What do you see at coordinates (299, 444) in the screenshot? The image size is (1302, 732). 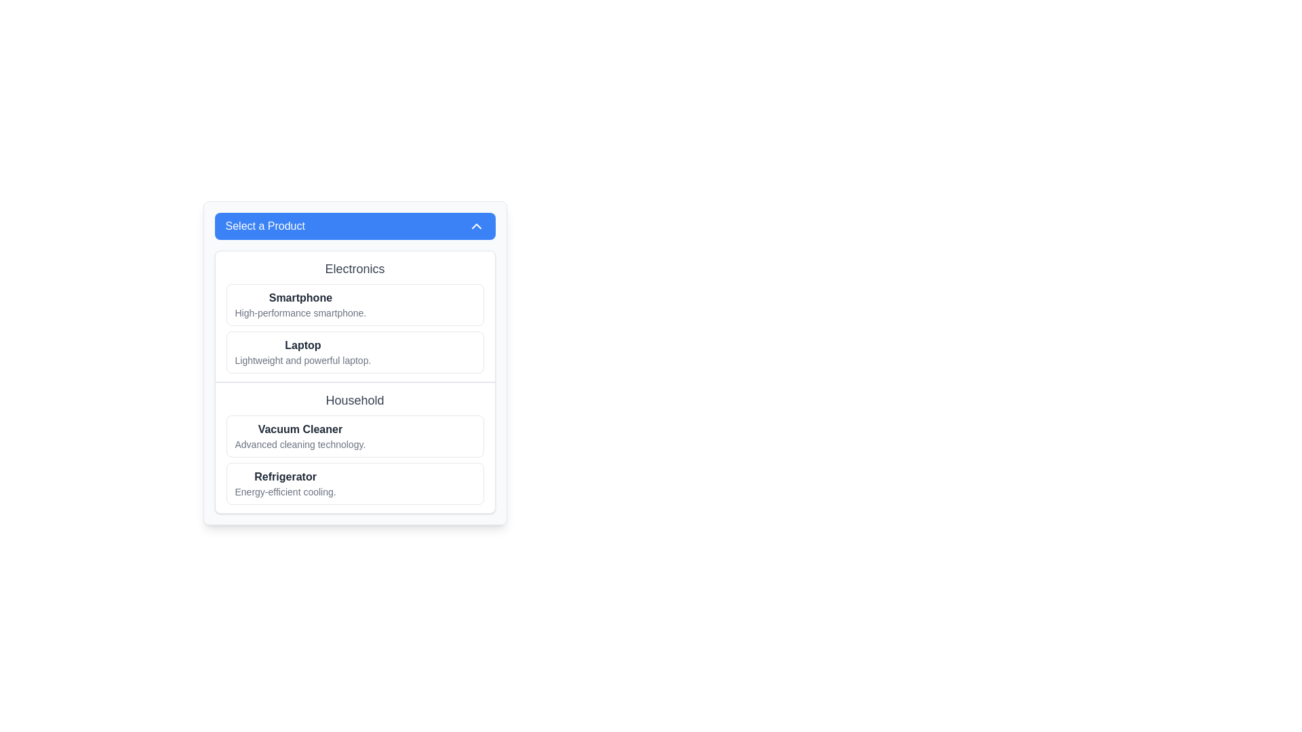 I see `text block displaying 'Advanced cleaning technology.' which is located below the title 'Vacuum Cleaner' in the 'Household' section` at bounding box center [299, 444].